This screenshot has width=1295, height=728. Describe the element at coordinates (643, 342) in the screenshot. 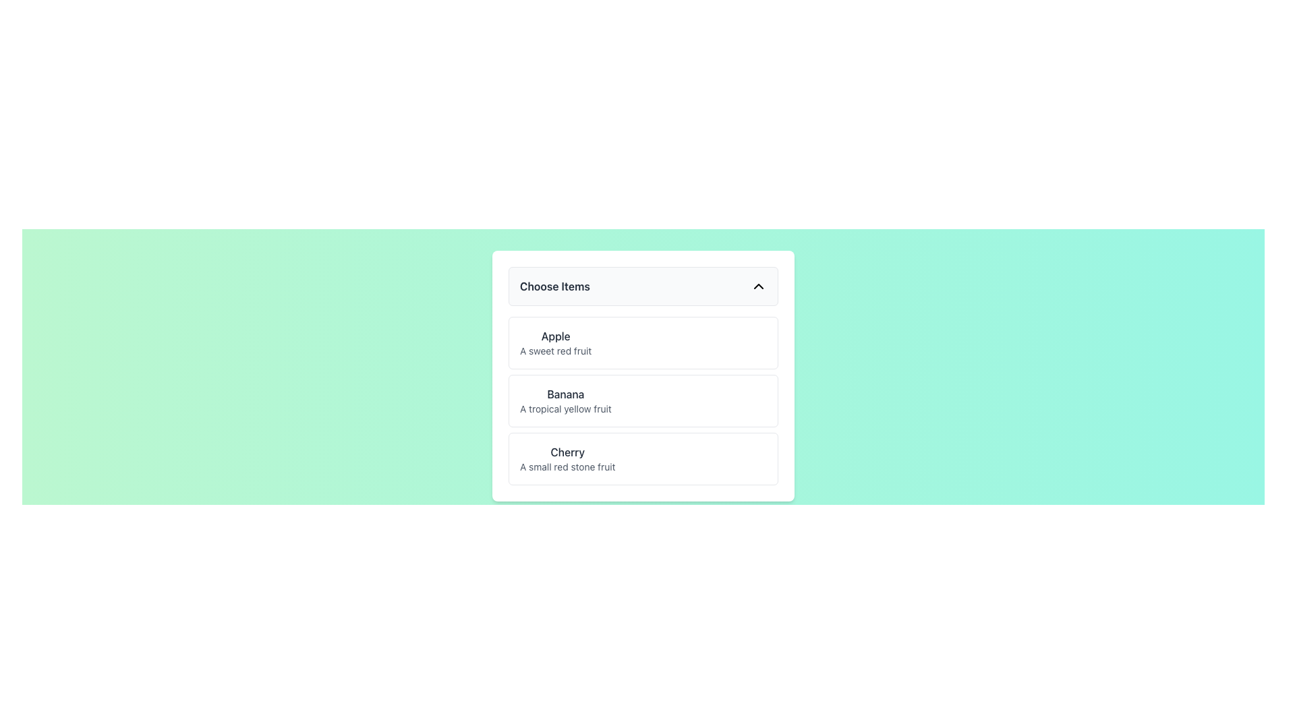

I see `the first list item below the title 'Choose Items'` at that location.